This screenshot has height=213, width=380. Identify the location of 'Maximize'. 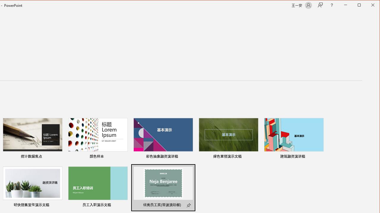
(368, 6).